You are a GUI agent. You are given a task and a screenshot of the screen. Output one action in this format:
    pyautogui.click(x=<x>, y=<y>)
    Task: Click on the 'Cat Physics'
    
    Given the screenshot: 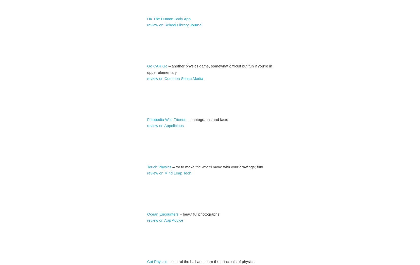 What is the action you would take?
    pyautogui.click(x=157, y=261)
    